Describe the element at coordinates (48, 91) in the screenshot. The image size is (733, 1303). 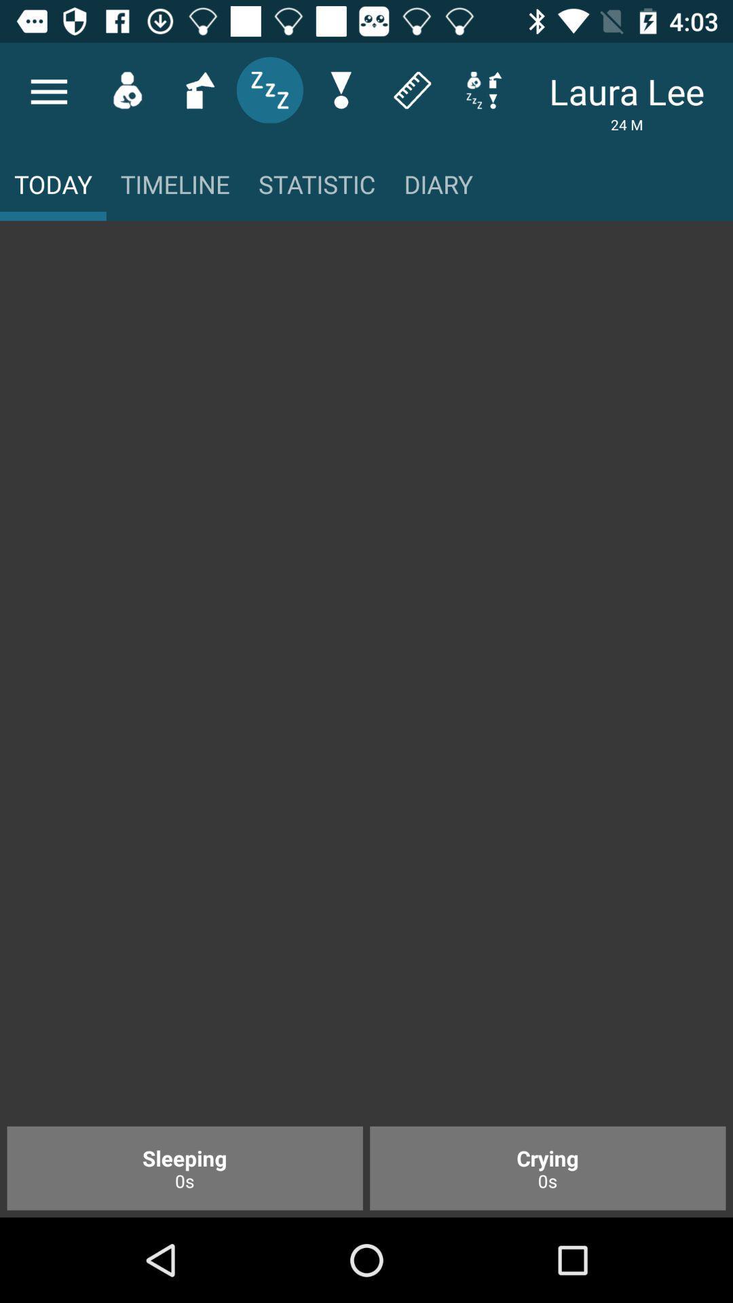
I see `the menu icon` at that location.